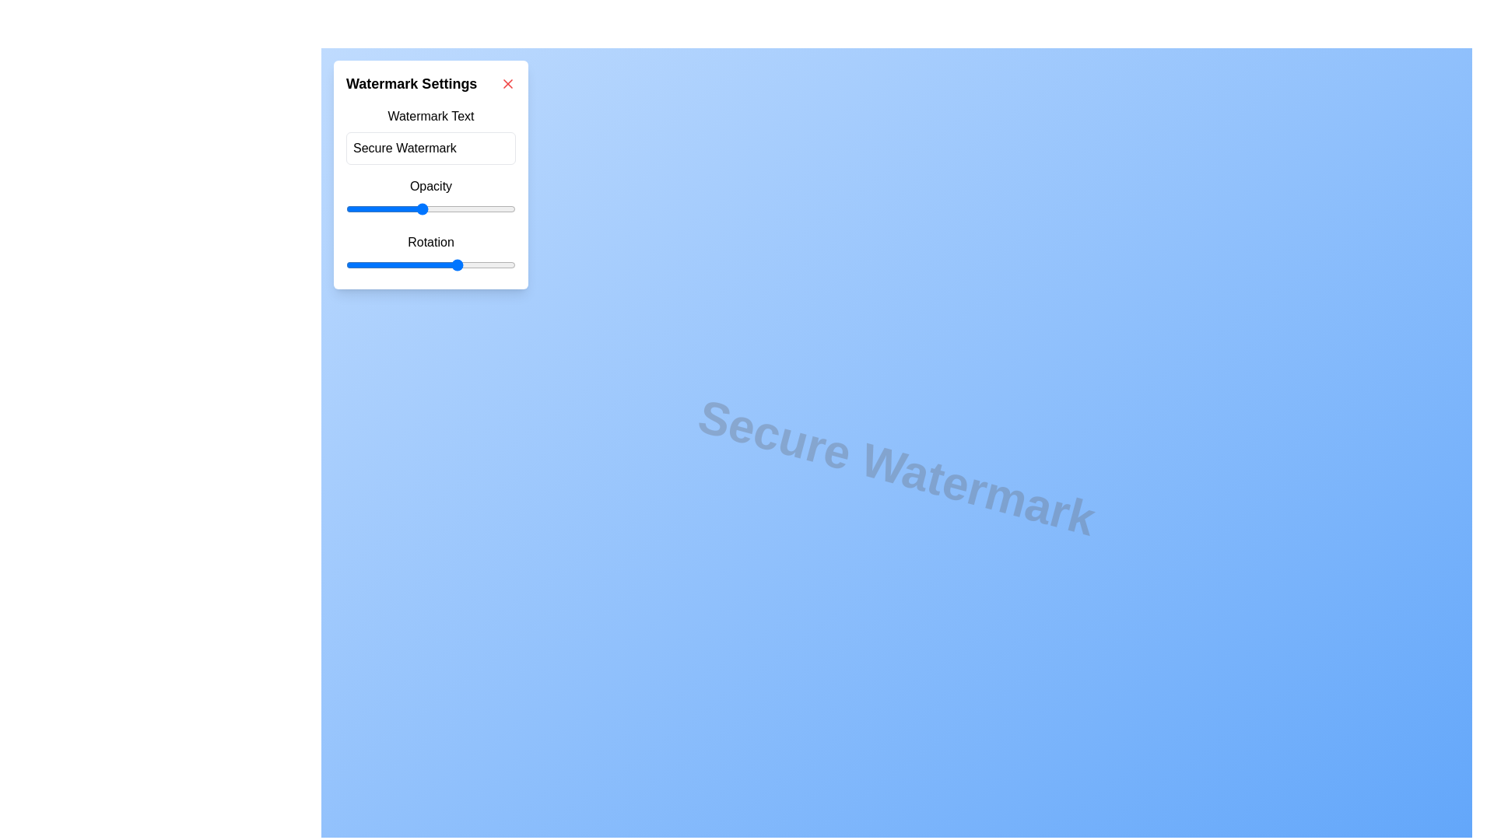  I want to click on the text element displaying 'Secure Watermark' in a bold font with gray color and semi-transparency, positioned slightly off-center to the right and lower side of the visible interface, so click(896, 467).